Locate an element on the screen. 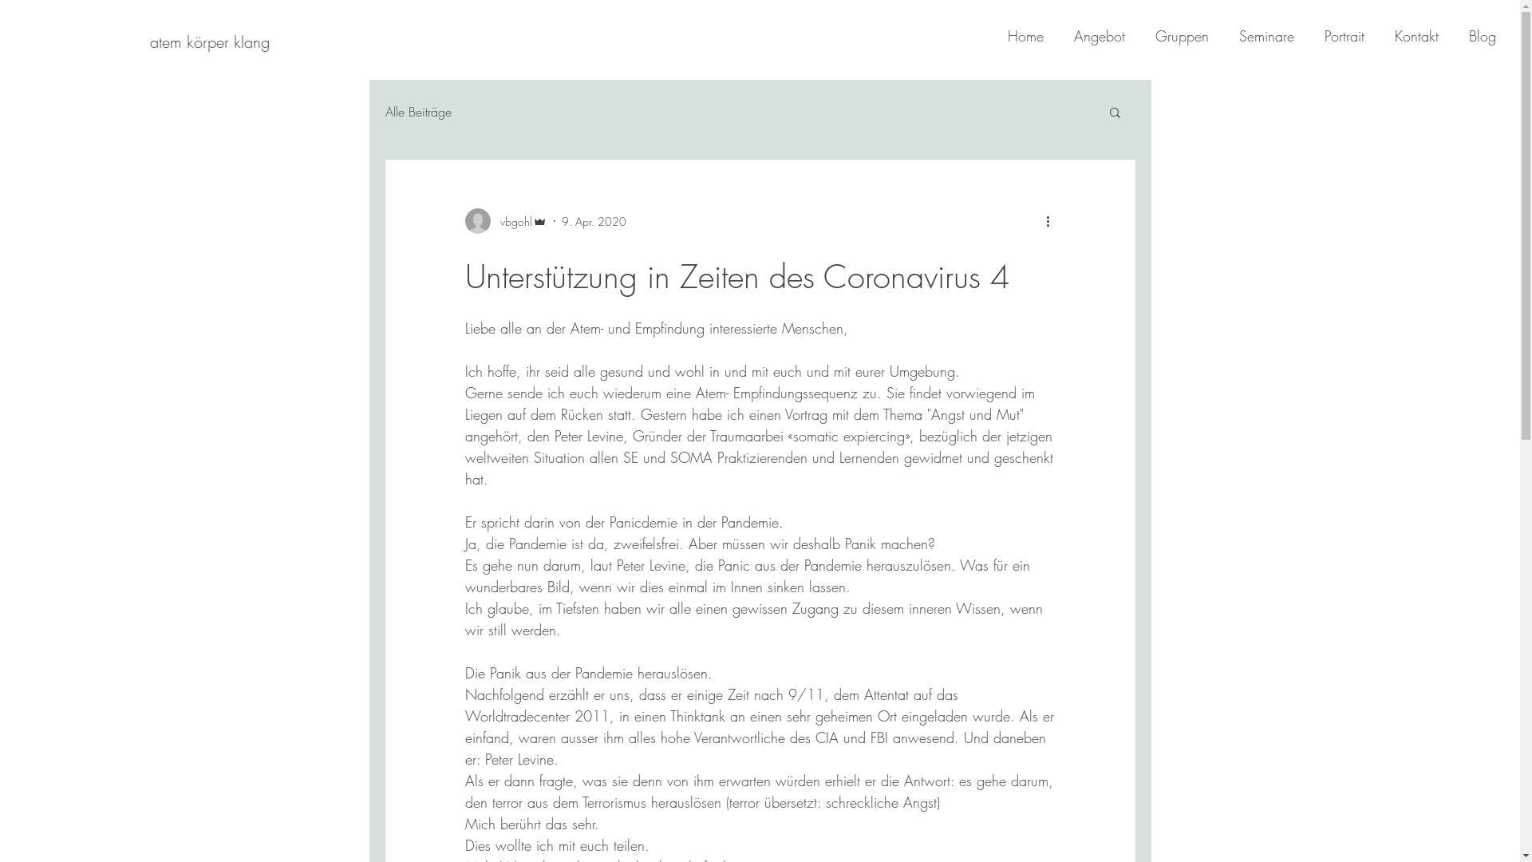  'Gruppen' is located at coordinates (1175, 36).